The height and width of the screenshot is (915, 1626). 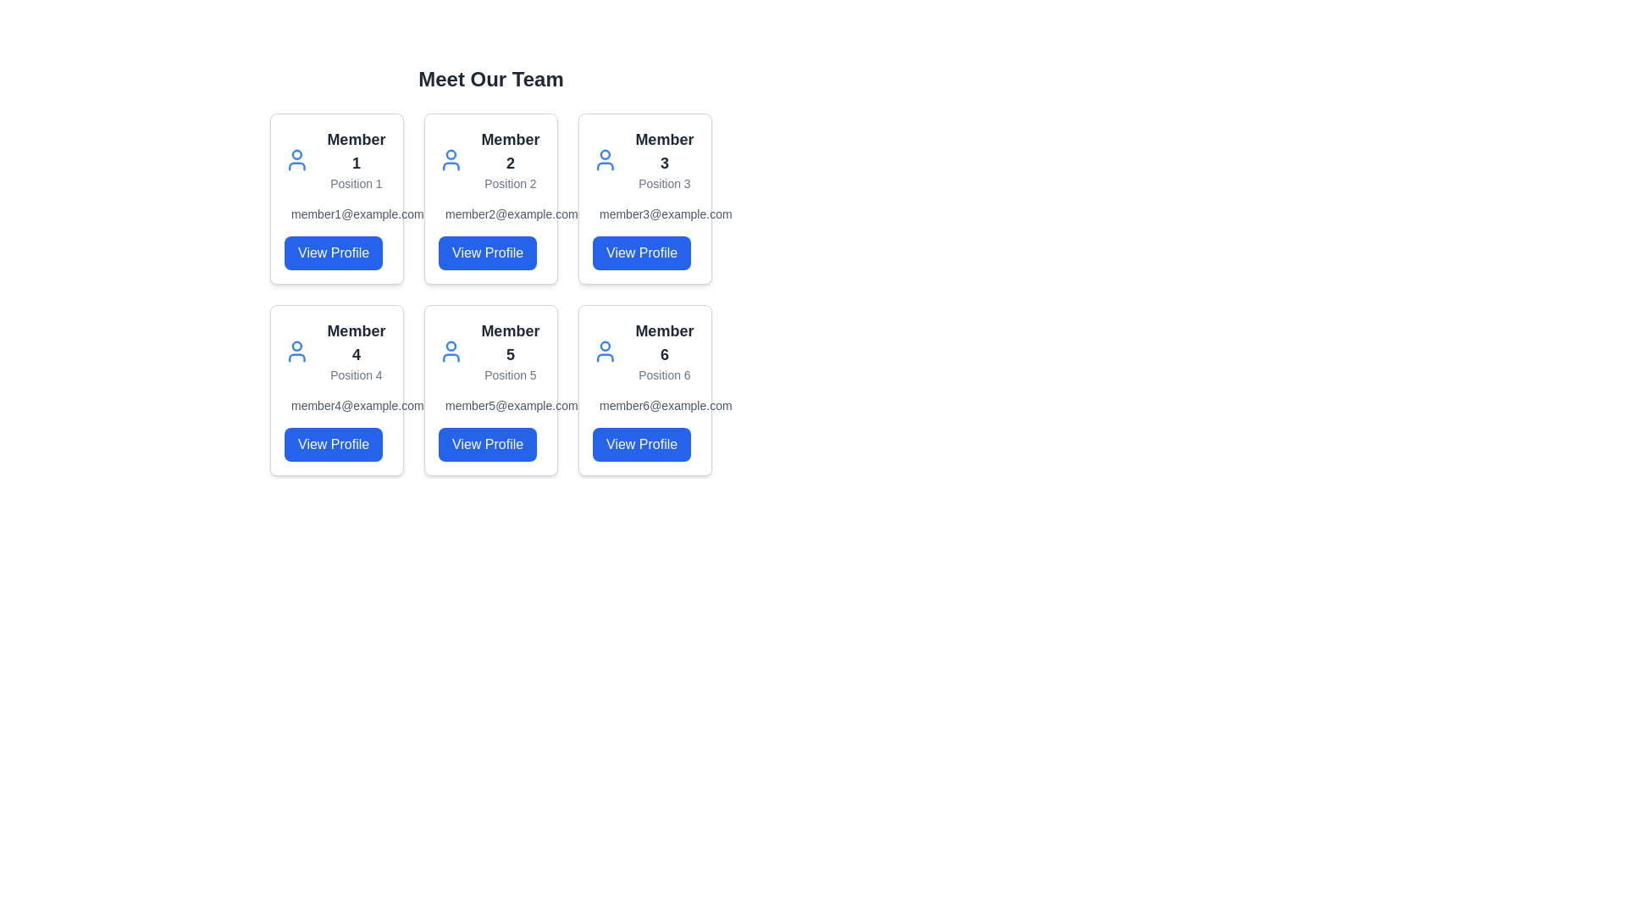 What do you see at coordinates (451, 345) in the screenshot?
I see `the circular profile icon located in the upper region of the card titled 'Member 5'` at bounding box center [451, 345].